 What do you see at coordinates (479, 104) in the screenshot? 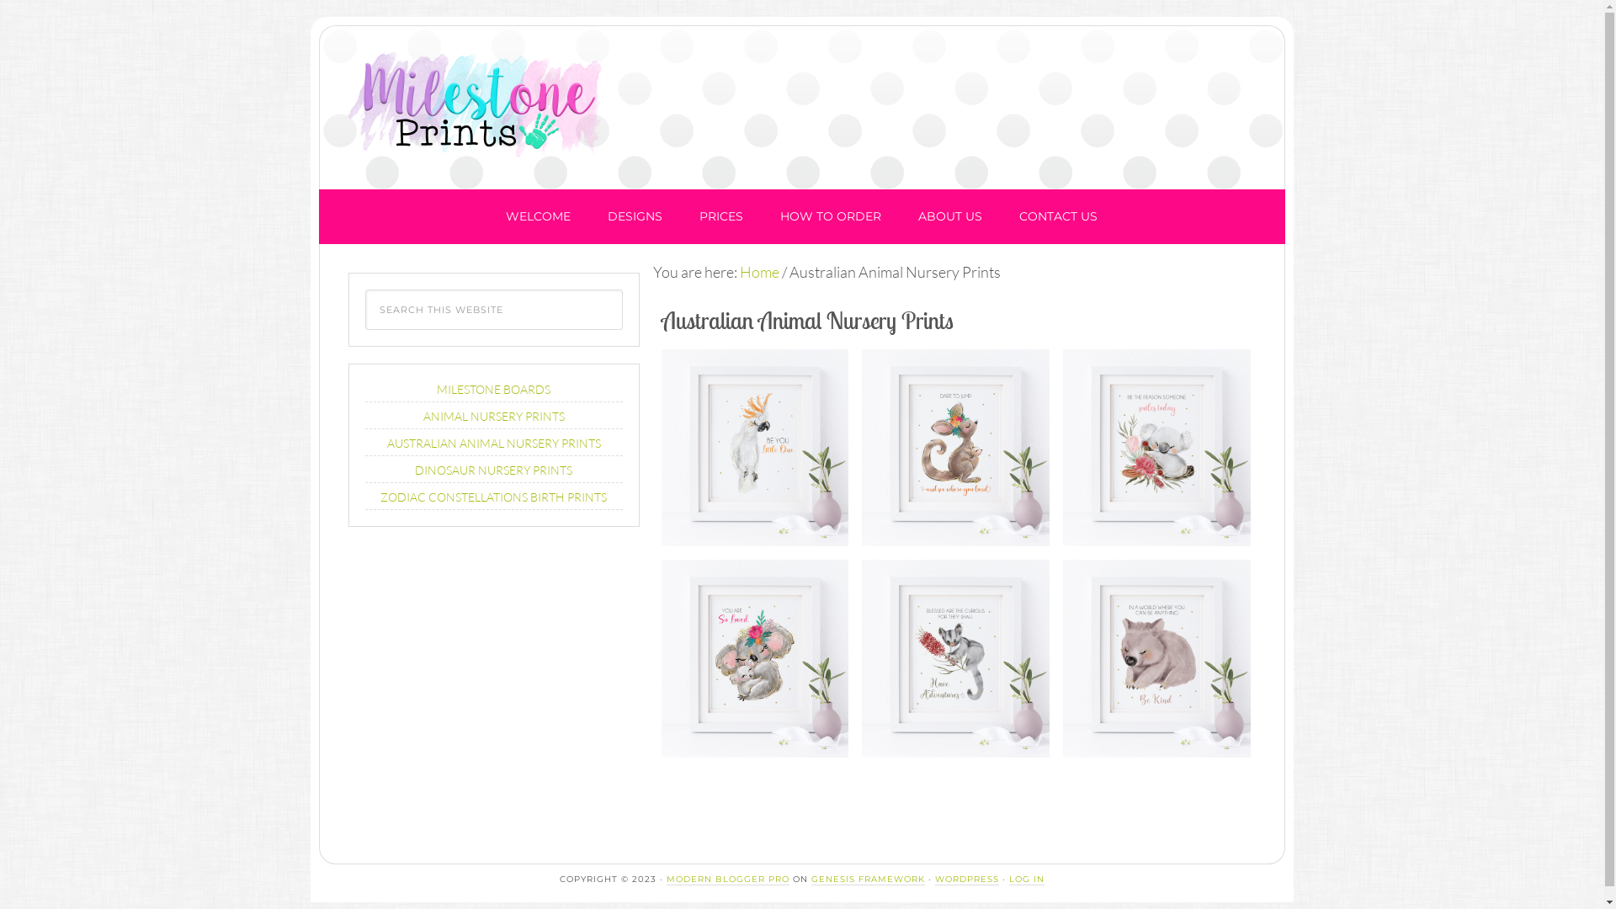
I see `'Milestone Prints'` at bounding box center [479, 104].